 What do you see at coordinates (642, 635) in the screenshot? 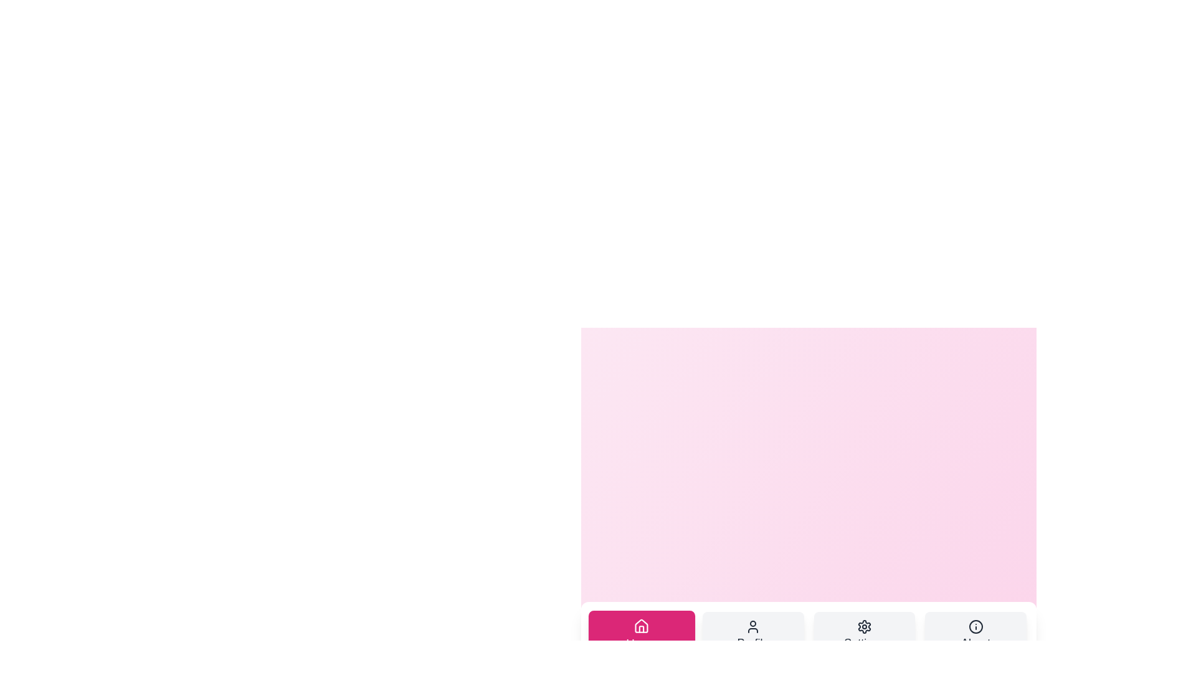
I see `the tab labeled Home by clicking on it` at bounding box center [642, 635].